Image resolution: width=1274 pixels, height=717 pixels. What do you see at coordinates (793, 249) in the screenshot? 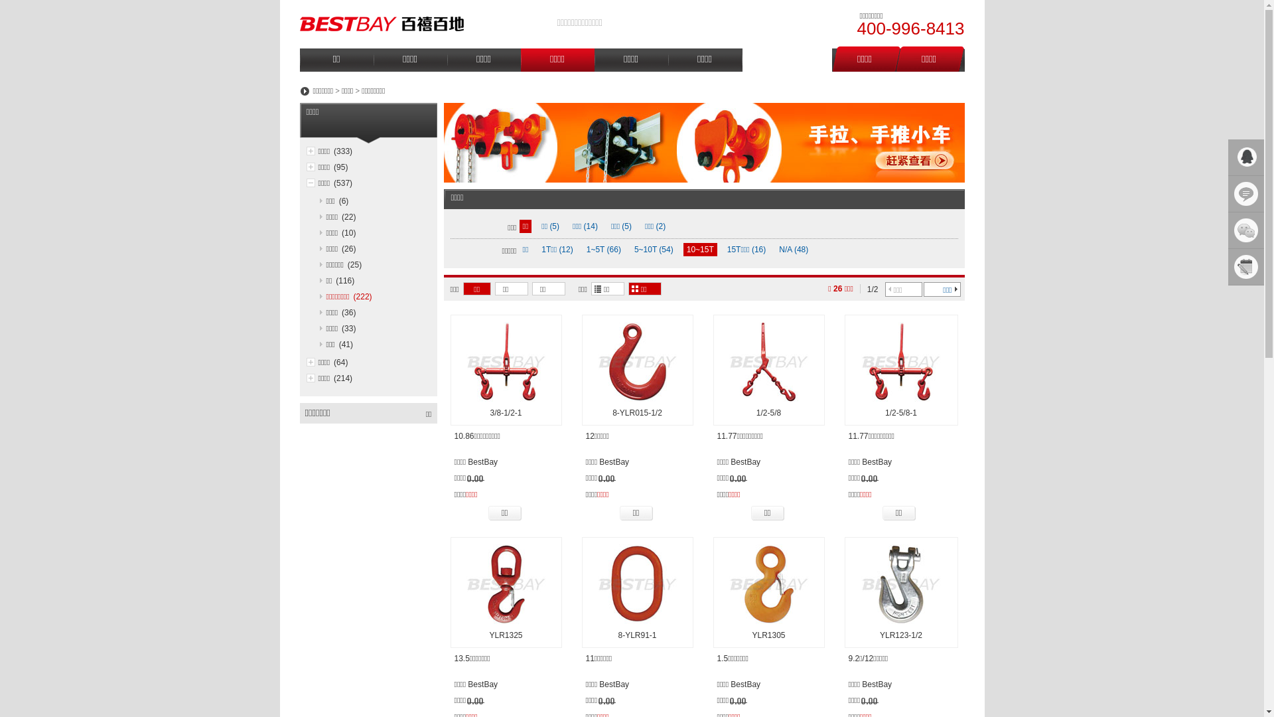
I see `'N/A (48)'` at bounding box center [793, 249].